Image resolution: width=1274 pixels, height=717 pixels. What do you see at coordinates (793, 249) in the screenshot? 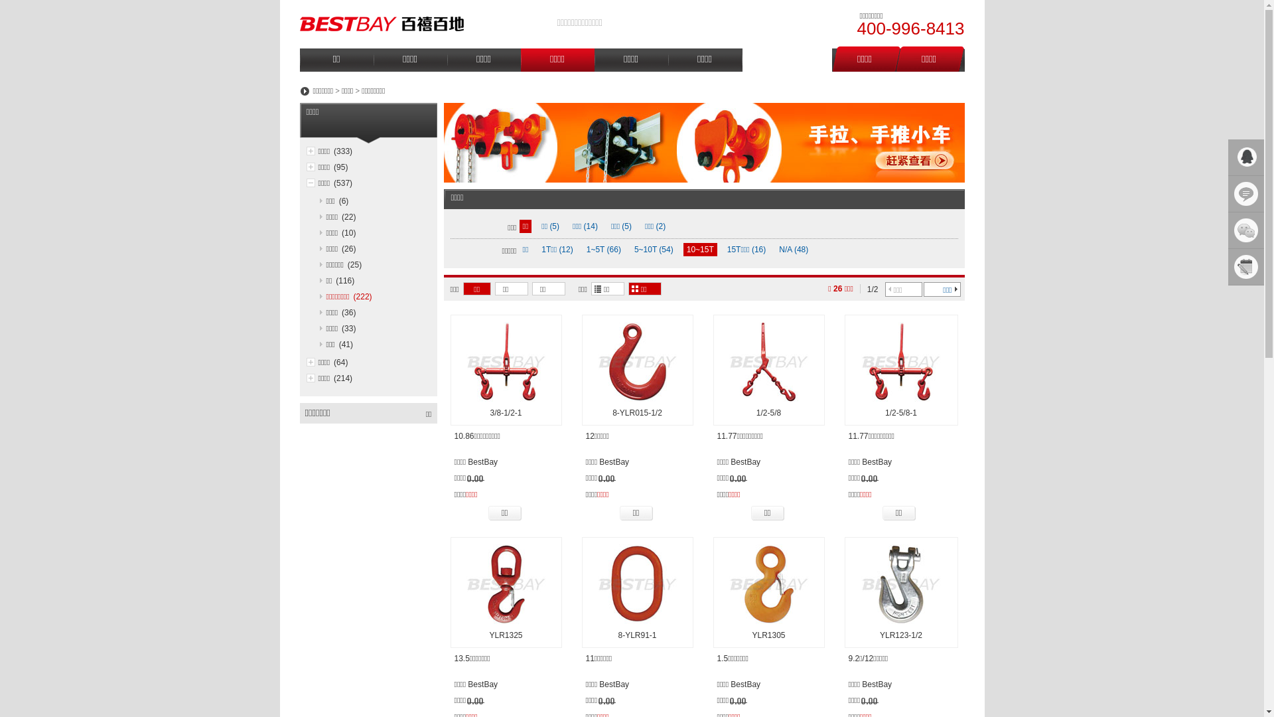
I see `'N/A (48)'` at bounding box center [793, 249].